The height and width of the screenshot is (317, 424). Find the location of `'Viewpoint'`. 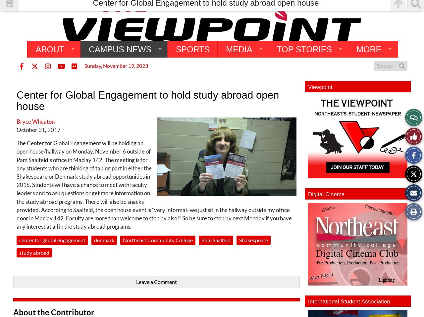

'Viewpoint' is located at coordinates (308, 87).